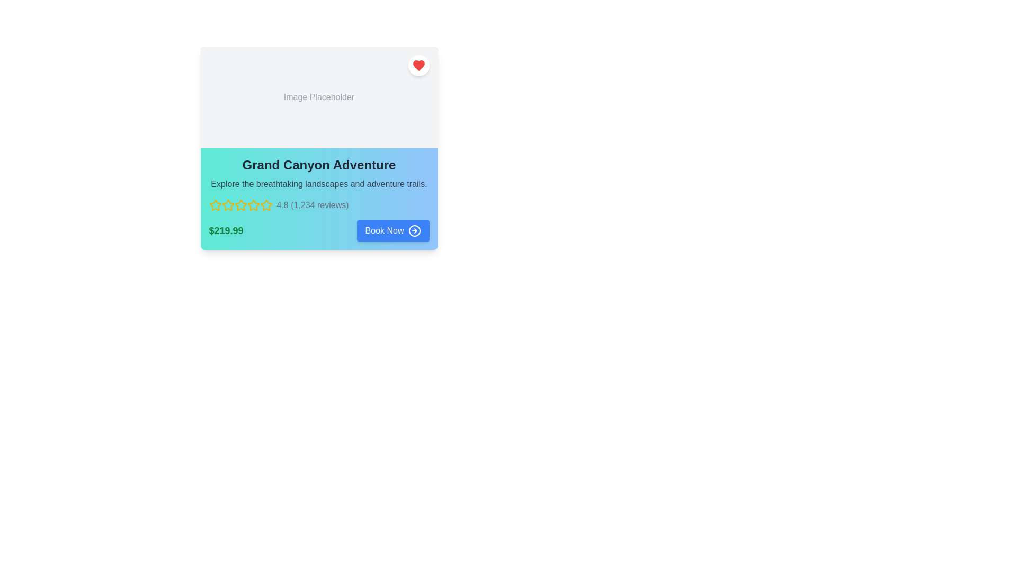 This screenshot has width=1017, height=572. What do you see at coordinates (318, 97) in the screenshot?
I see `the 'Image Placeholder' text label, which is centered within a pale-gray rectangular block at the top section of its card-like component` at bounding box center [318, 97].